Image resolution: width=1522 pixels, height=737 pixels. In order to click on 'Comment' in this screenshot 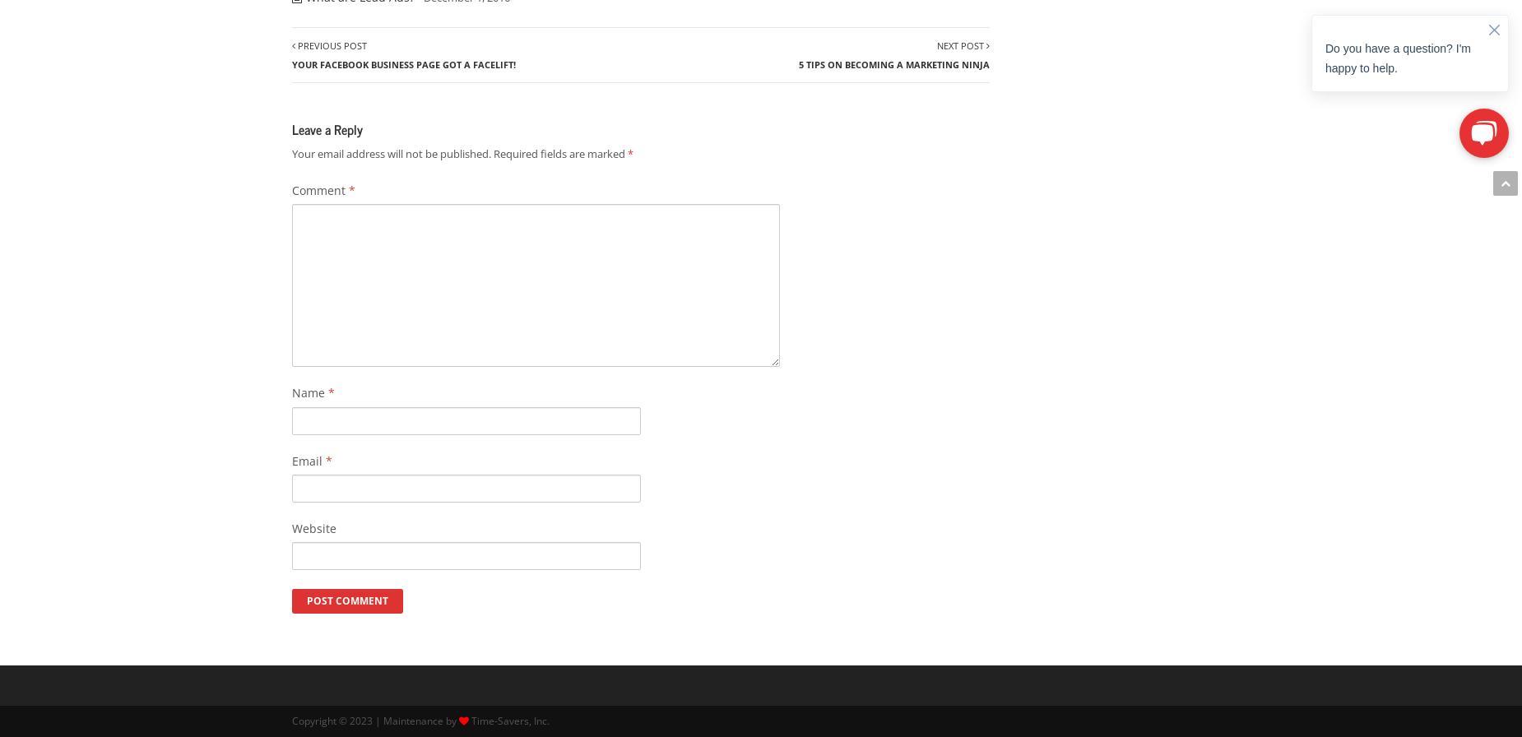, I will do `click(319, 188)`.